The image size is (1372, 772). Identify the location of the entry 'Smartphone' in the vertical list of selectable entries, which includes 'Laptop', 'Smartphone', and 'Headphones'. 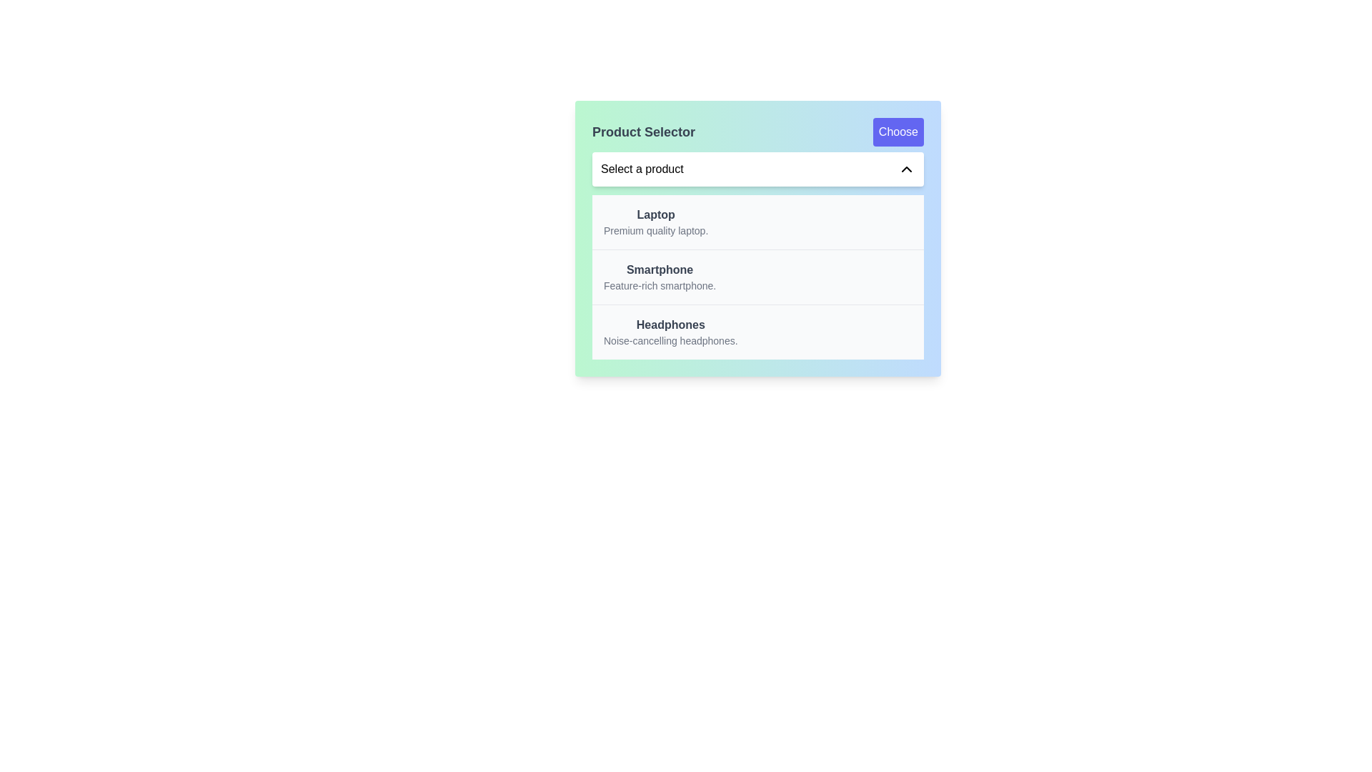
(757, 277).